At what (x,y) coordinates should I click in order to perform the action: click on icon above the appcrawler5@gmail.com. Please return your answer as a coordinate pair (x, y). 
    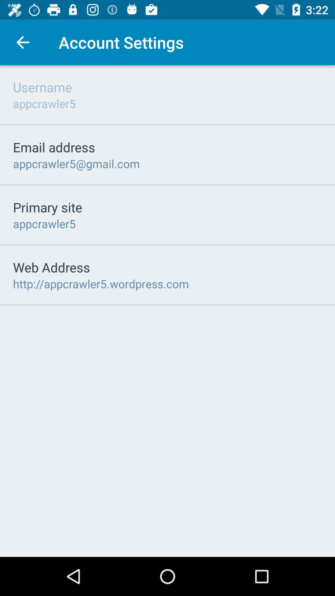
    Looking at the image, I should click on (54, 147).